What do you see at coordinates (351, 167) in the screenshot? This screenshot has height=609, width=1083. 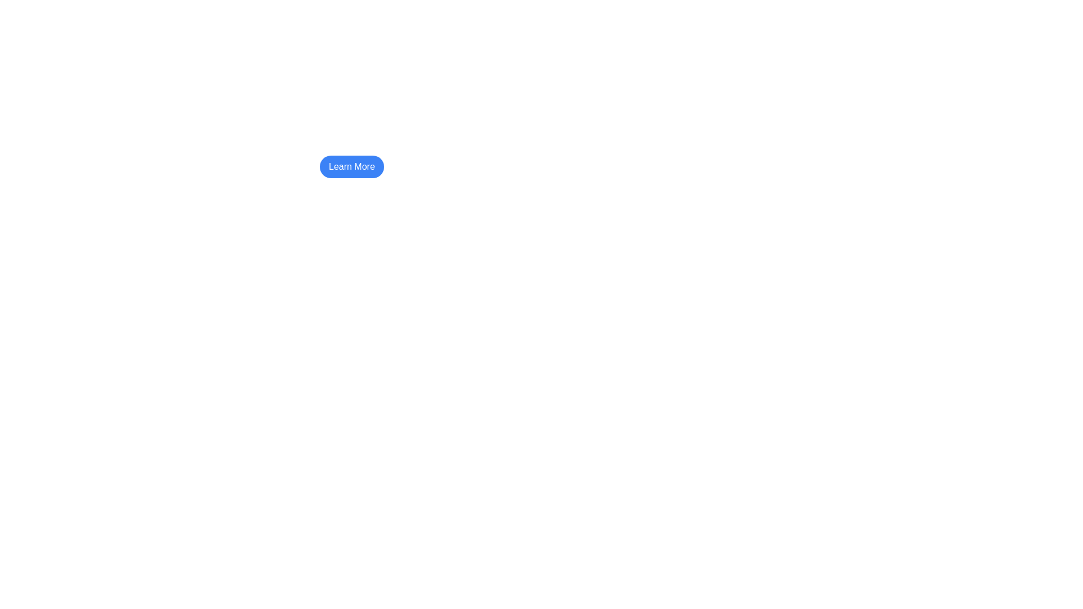 I see `the bright blue 'Learn More' button with rounded corners to observe any hover effects` at bounding box center [351, 167].